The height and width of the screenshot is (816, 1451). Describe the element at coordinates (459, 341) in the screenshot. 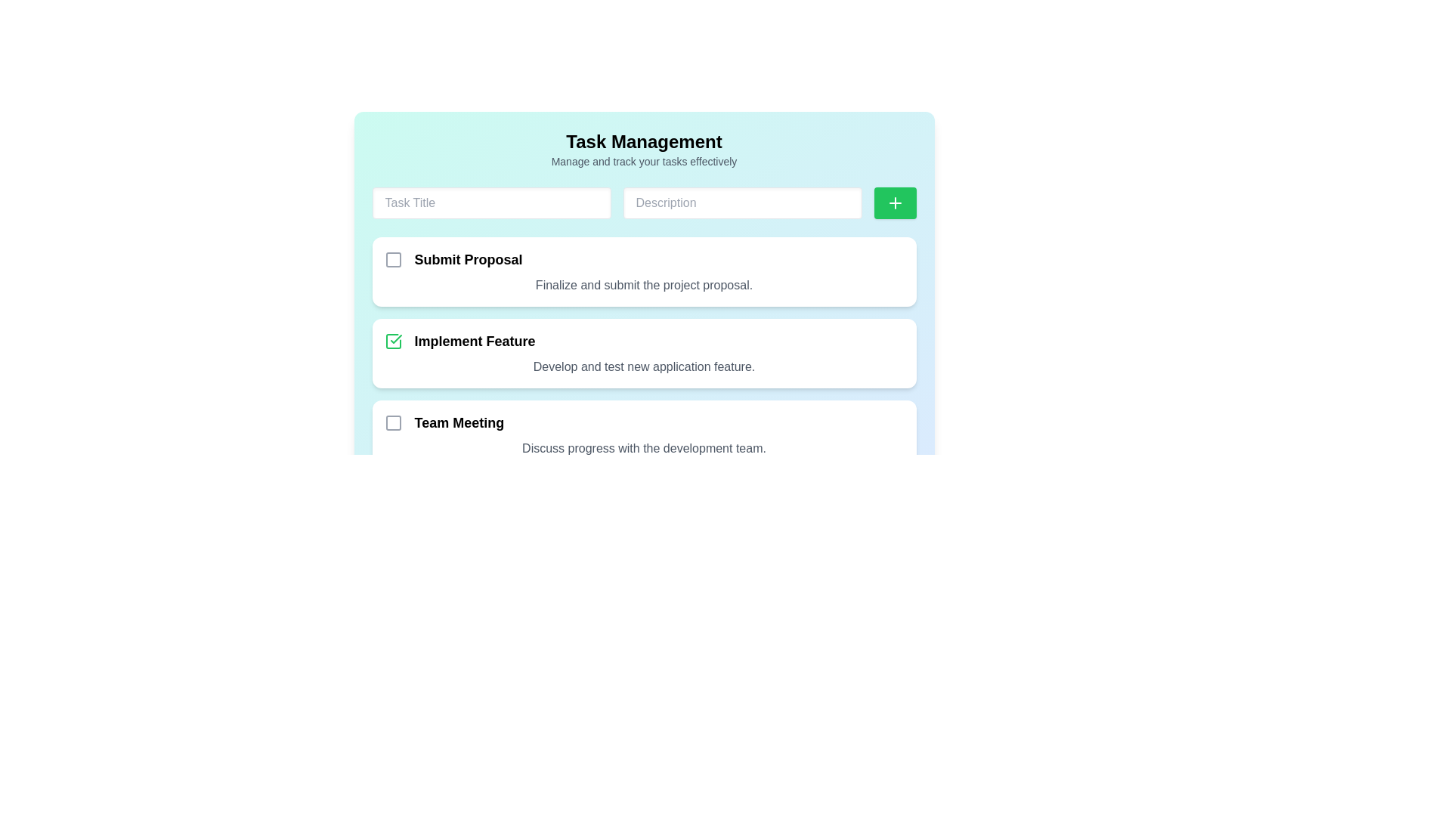

I see `the 'Implement Feature' task label` at that location.